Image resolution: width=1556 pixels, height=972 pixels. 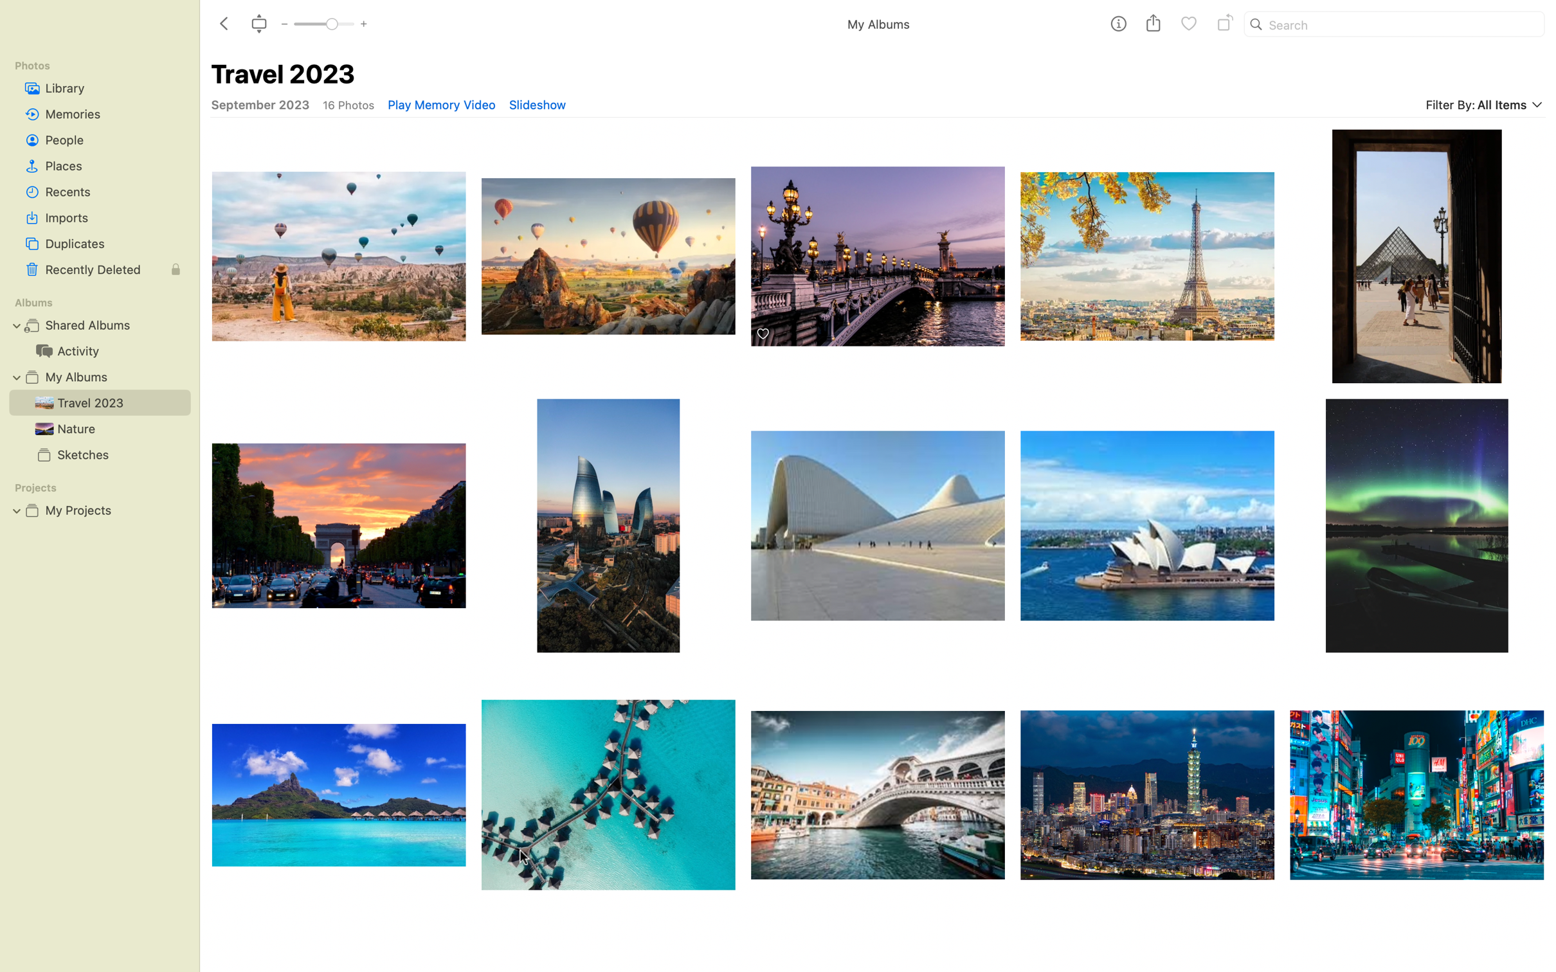 What do you see at coordinates (1148, 525) in the screenshot?
I see `Execute three successive rotations on the Sydney lotus temple image` at bounding box center [1148, 525].